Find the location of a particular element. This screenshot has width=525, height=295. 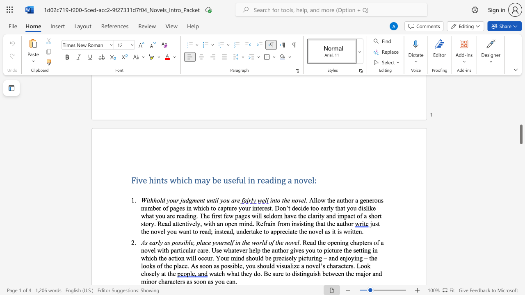

the 1th character "u" in the text is located at coordinates (226, 179).